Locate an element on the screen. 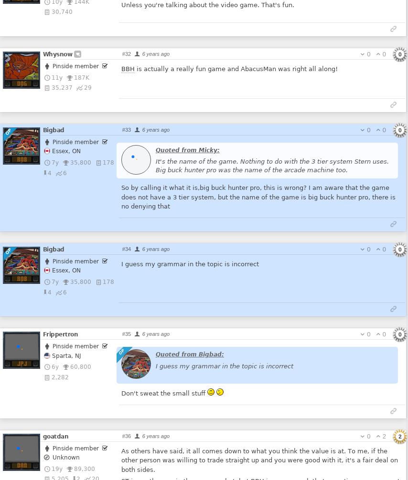 Image resolution: width=408 pixels, height=480 pixels. '60,800' is located at coordinates (81, 366).